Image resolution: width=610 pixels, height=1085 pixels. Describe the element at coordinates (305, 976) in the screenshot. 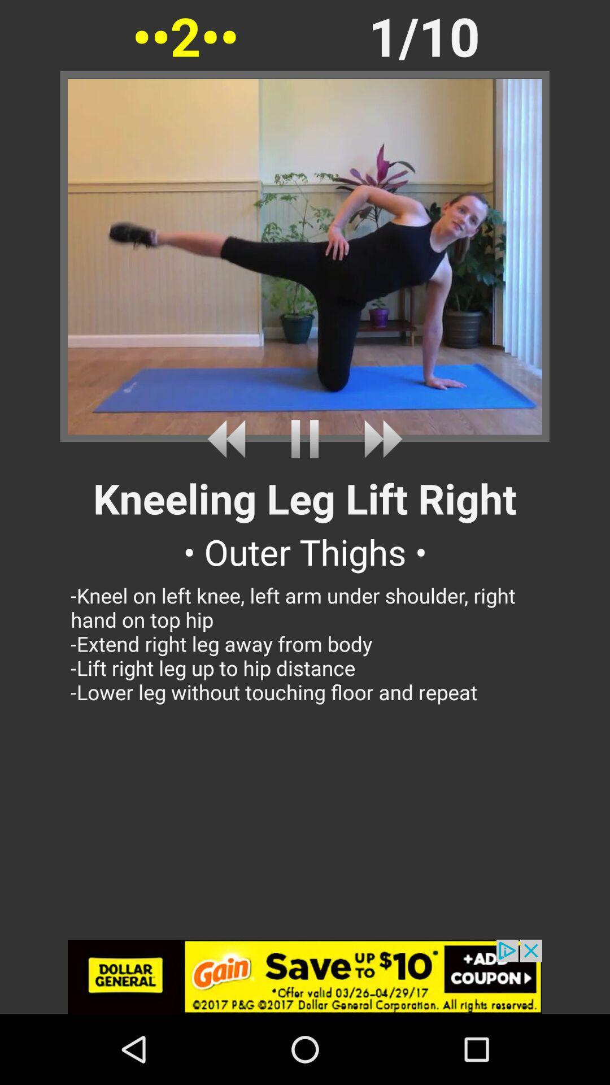

I see `money with a gain coupon` at that location.